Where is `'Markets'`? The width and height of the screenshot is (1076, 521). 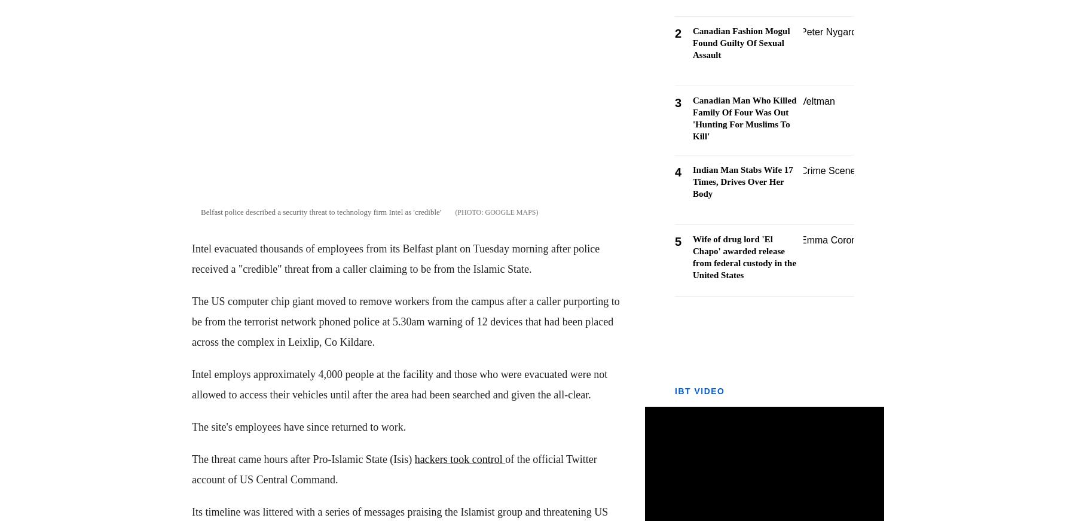 'Markets' is located at coordinates (8, 46).